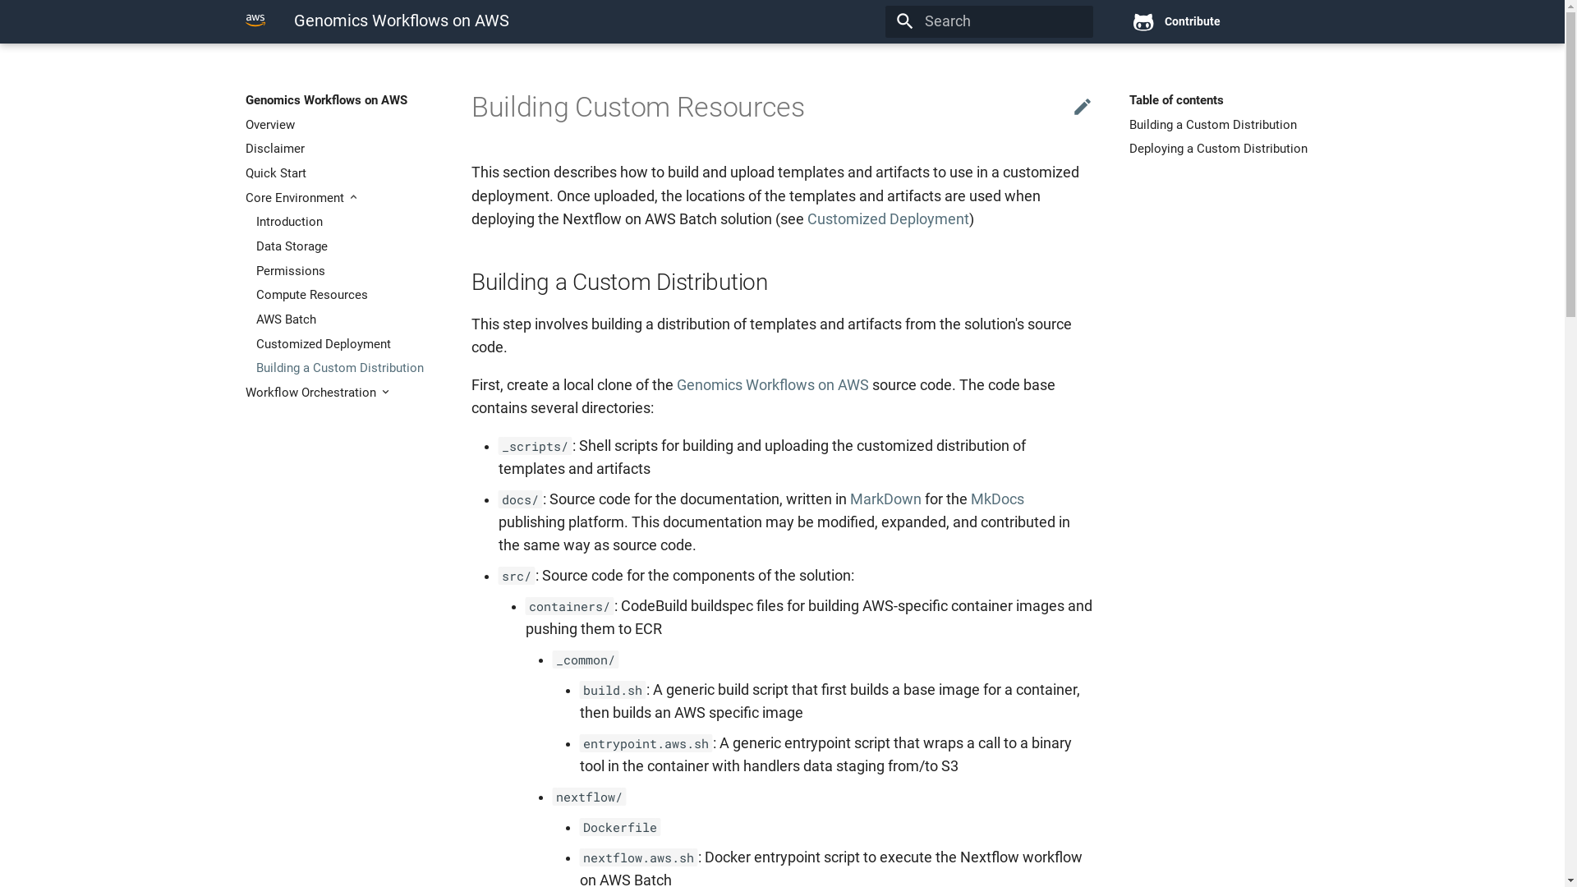 Image resolution: width=1577 pixels, height=887 pixels. I want to click on 'Compute Resources', so click(345, 293).